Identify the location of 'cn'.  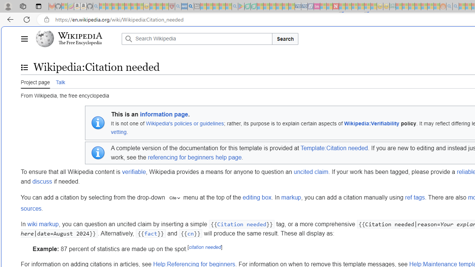
(190, 234).